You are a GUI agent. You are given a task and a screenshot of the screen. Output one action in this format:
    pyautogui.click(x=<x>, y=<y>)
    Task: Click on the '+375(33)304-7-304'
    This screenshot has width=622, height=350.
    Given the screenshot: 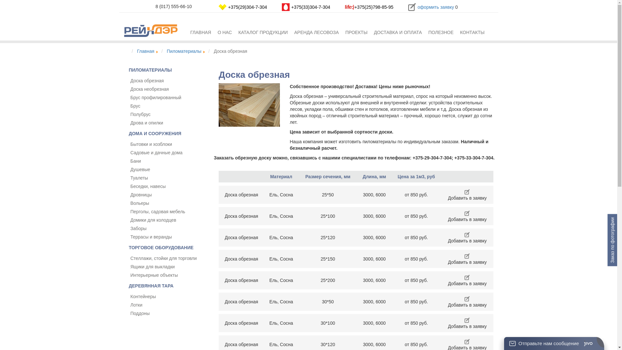 What is the action you would take?
    pyautogui.click(x=310, y=7)
    